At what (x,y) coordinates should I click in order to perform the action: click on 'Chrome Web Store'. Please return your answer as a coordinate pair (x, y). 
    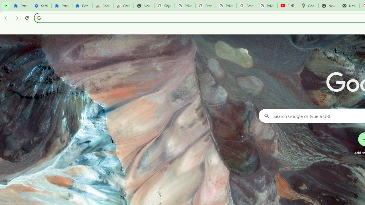
    Looking at the image, I should click on (103, 6).